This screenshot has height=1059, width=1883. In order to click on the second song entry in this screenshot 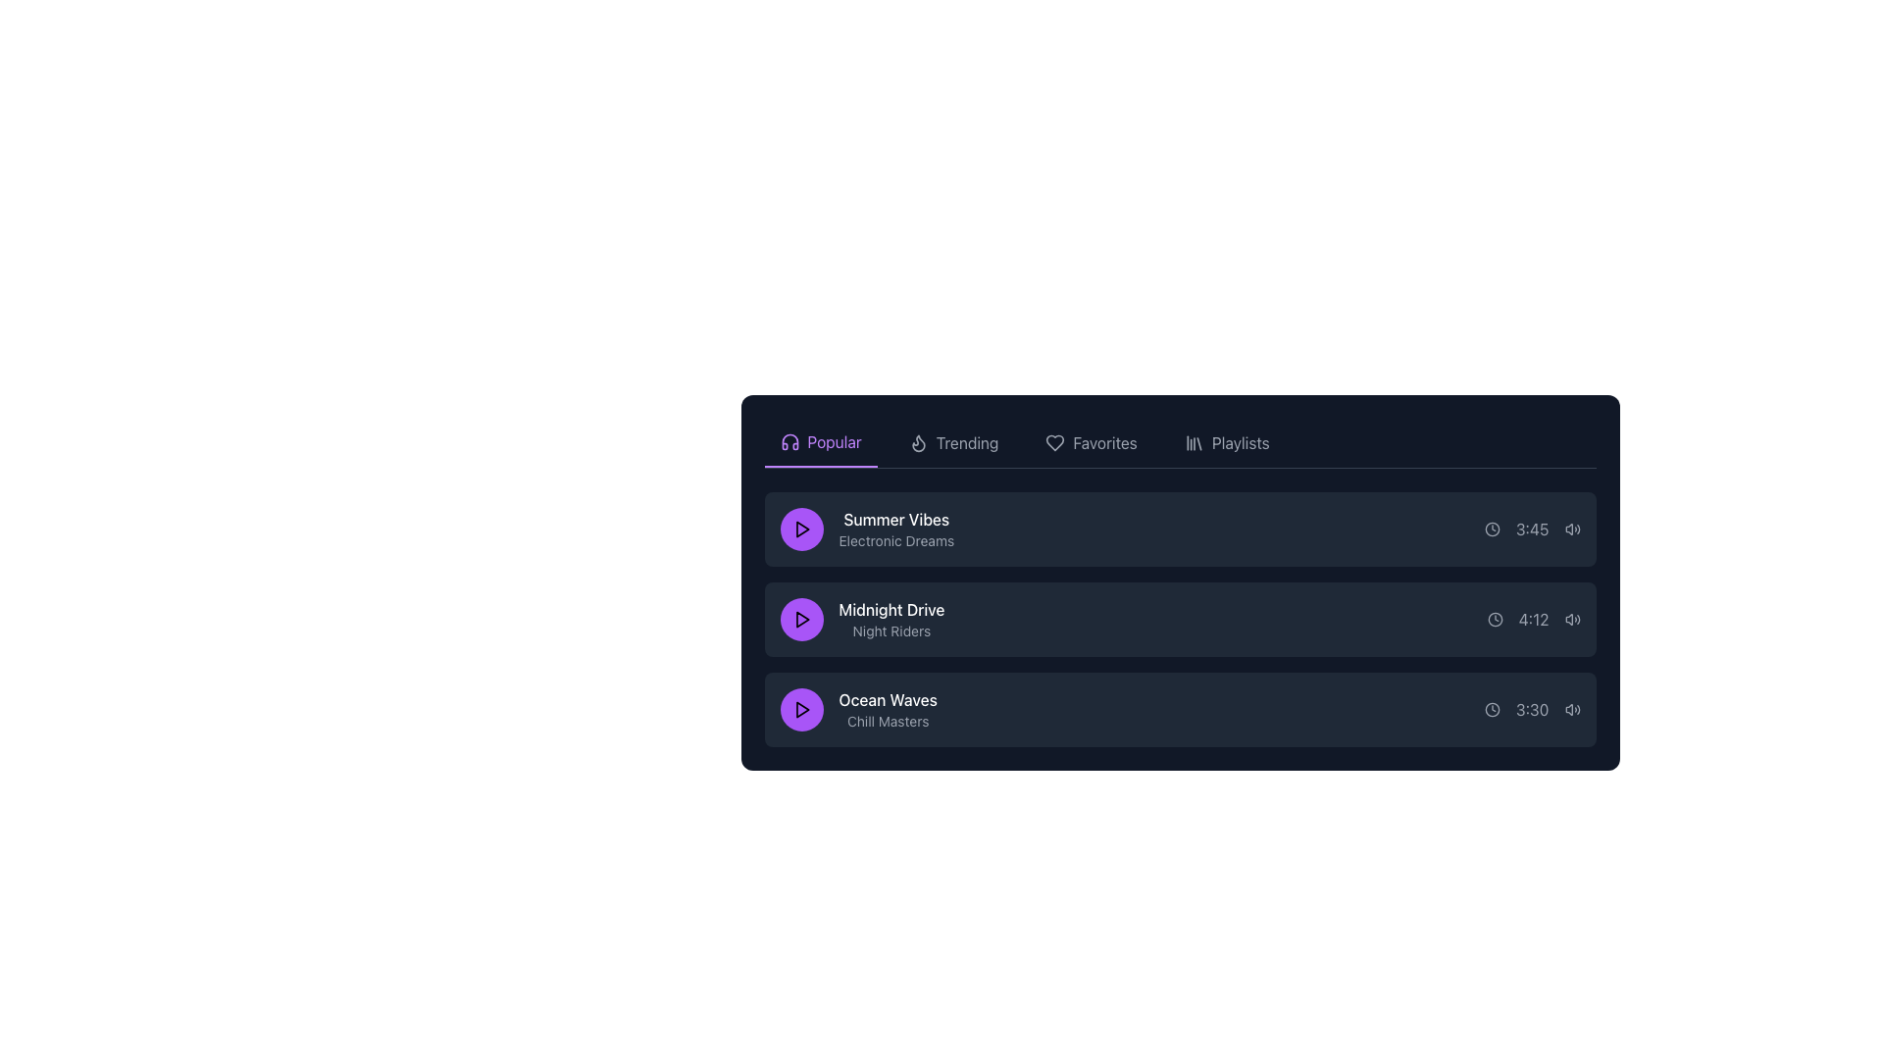, I will do `click(1179, 620)`.